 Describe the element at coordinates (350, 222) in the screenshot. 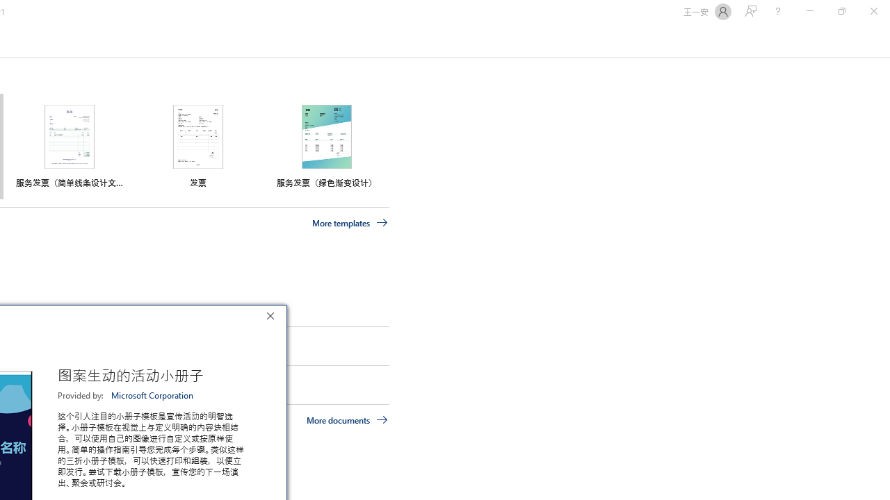

I see `'More templates'` at that location.